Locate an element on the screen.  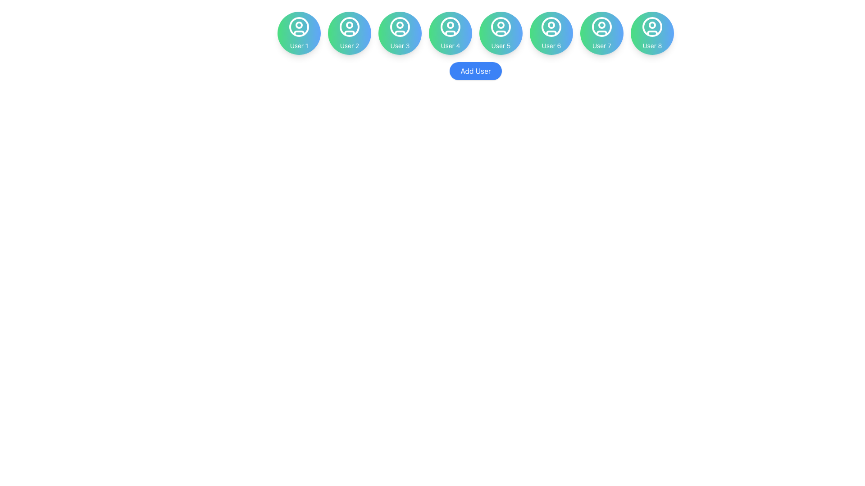
the button corresponding to 'User 7', which is the seventh button in a horizontal lineup located near the top right of the interface is located at coordinates (601, 32).